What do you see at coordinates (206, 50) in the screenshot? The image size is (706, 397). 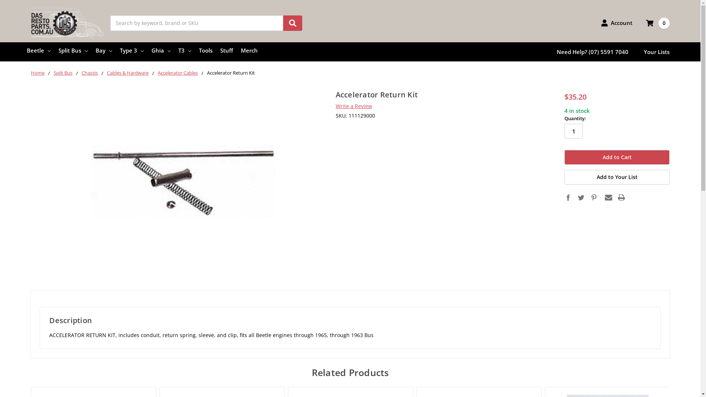 I see `'Tools'` at bounding box center [206, 50].